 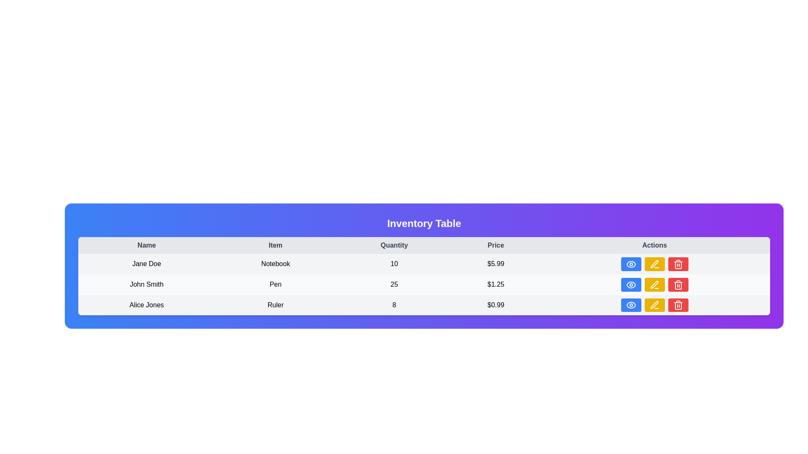 What do you see at coordinates (654, 264) in the screenshot?
I see `the edit button in the Actions column for the 'Notebook' item associated with 'Jane Doe'` at bounding box center [654, 264].